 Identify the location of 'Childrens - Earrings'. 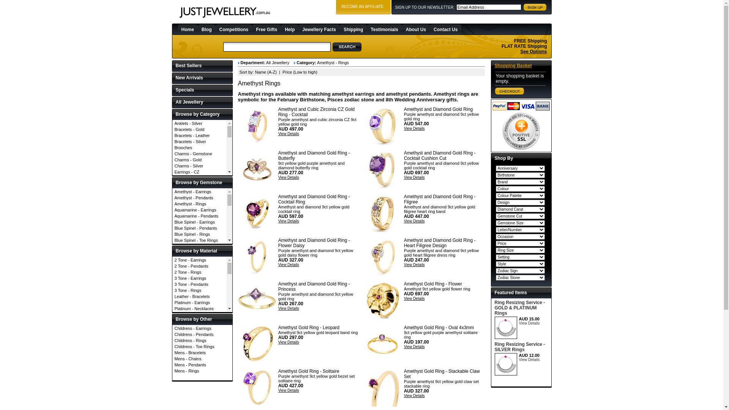
(202, 328).